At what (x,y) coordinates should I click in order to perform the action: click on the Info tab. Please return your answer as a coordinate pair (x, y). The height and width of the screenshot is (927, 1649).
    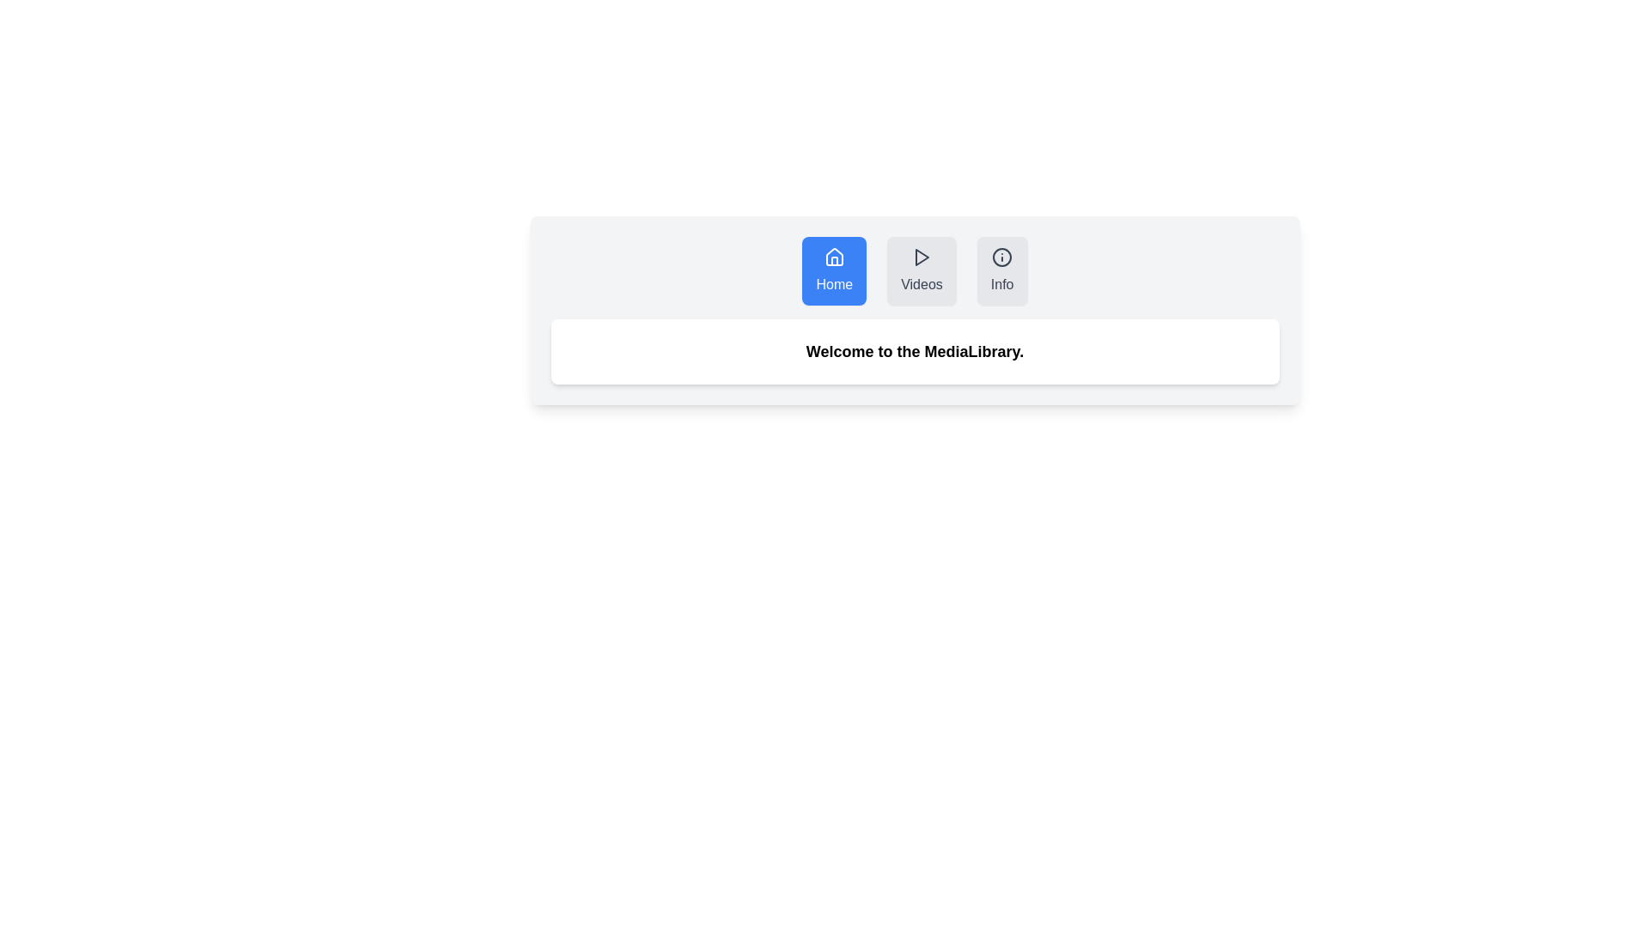
    Looking at the image, I should click on (1002, 270).